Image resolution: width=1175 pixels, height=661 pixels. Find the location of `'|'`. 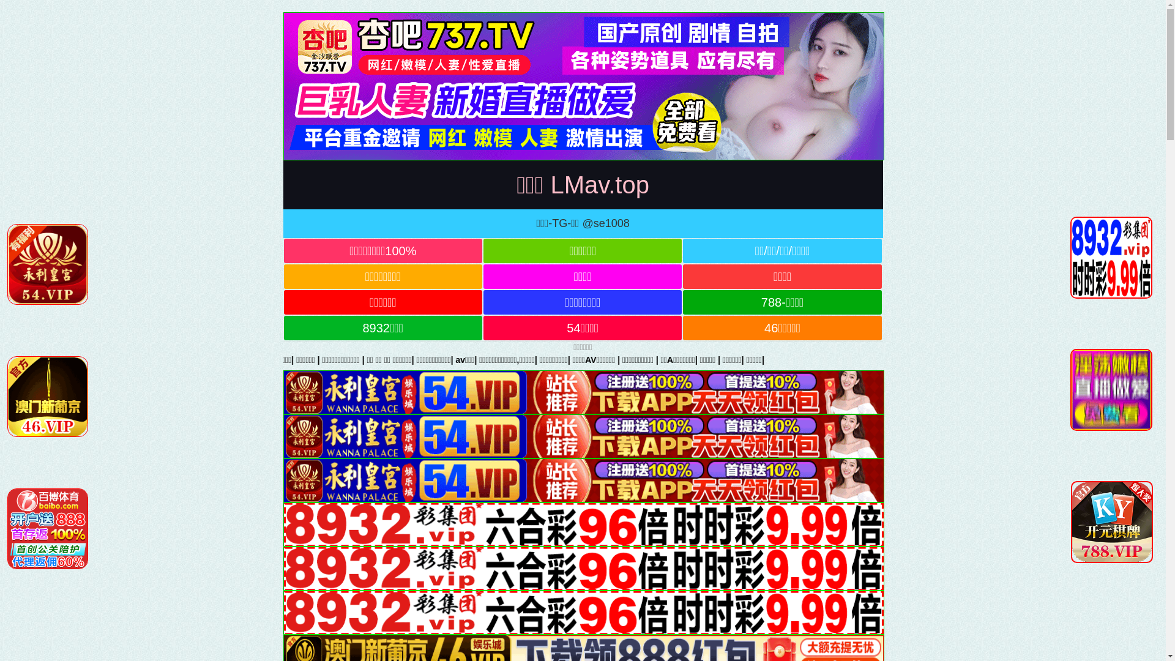

'|' is located at coordinates (405, 359).